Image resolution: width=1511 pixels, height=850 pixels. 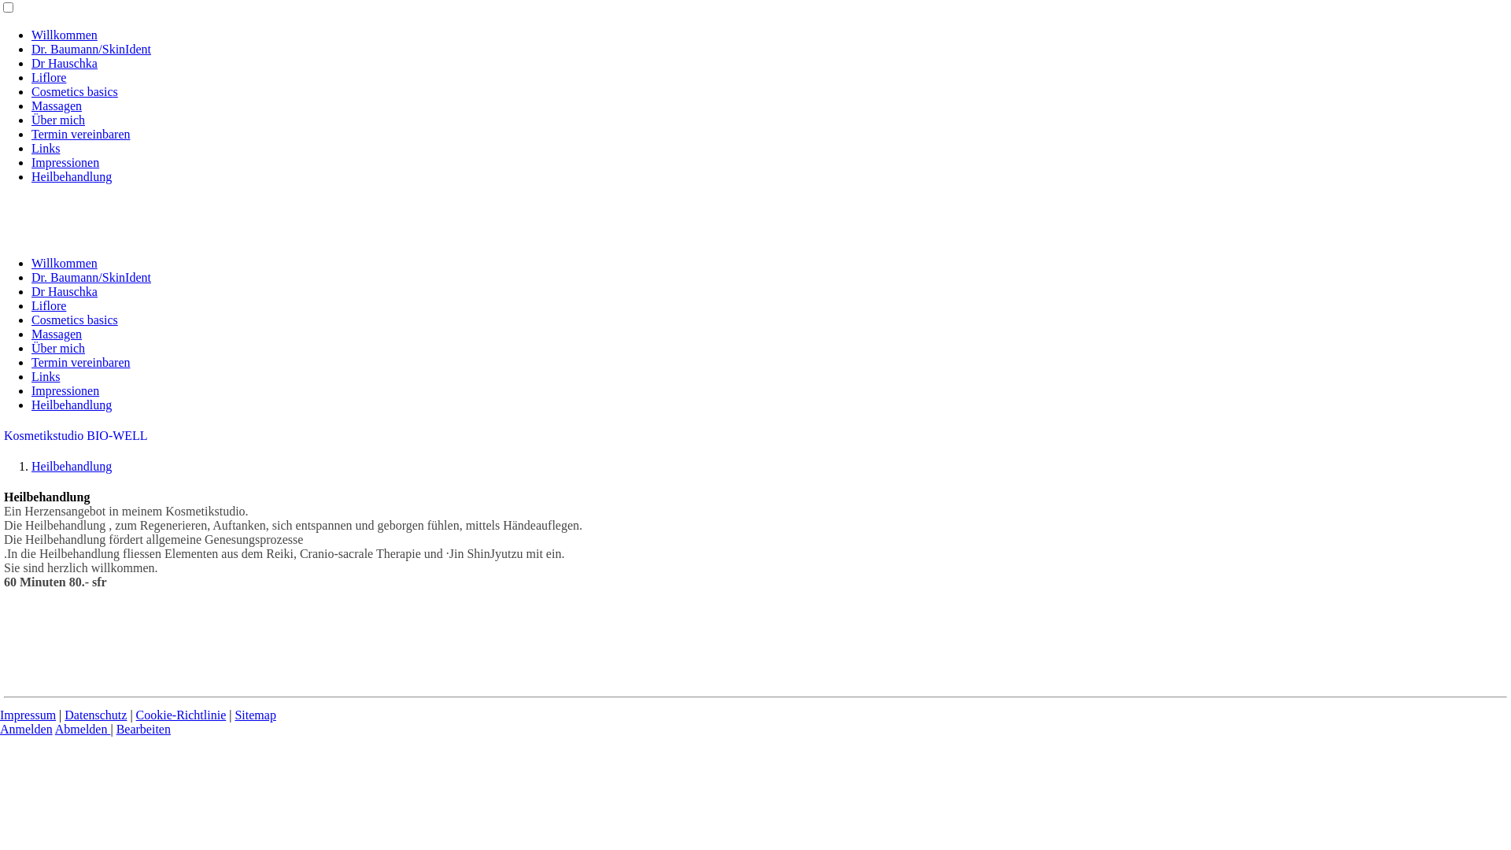 I want to click on 'Cosmetics basics', so click(x=31, y=319).